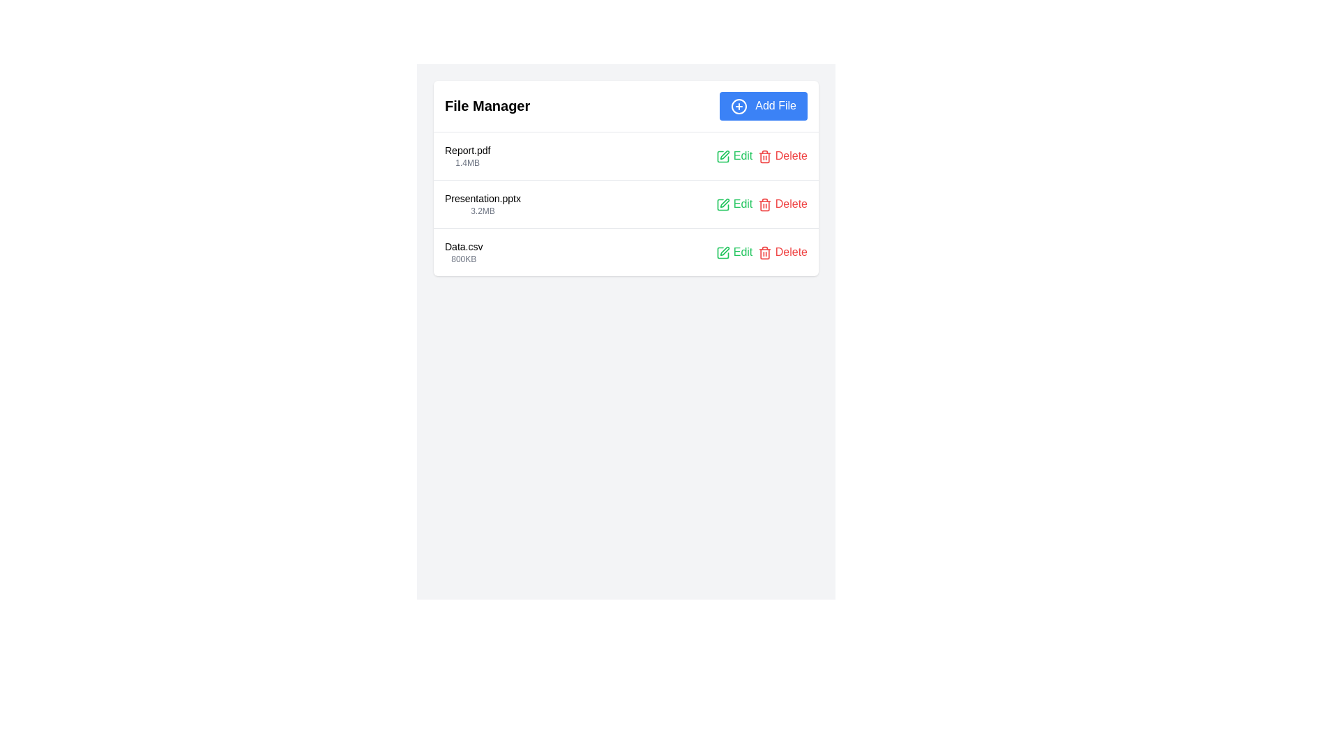 Image resolution: width=1339 pixels, height=753 pixels. What do you see at coordinates (723, 252) in the screenshot?
I see `the green pencil icon that symbolizes an edit action, located to the left of the word 'Edit' for the file 'Data.csv'` at bounding box center [723, 252].